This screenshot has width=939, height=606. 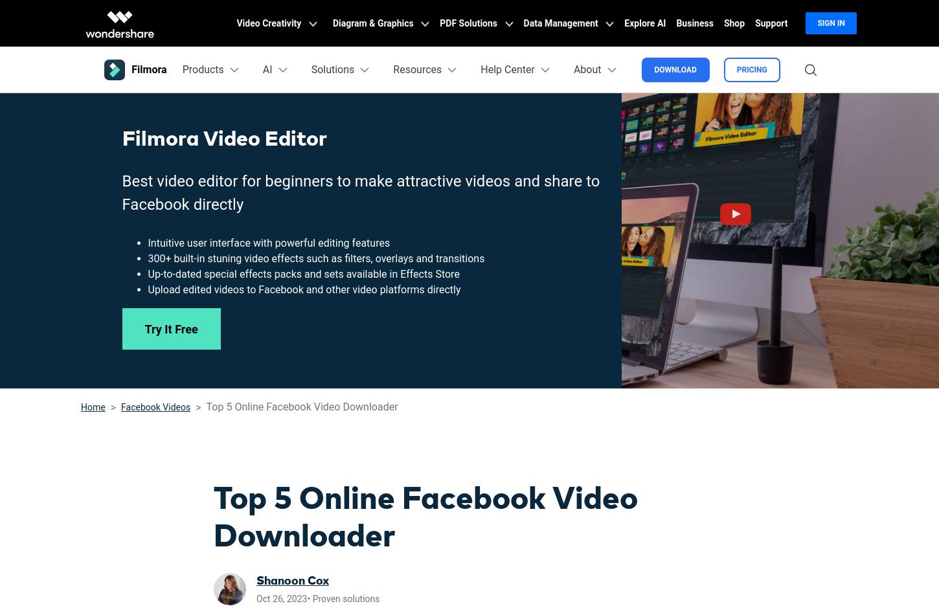 What do you see at coordinates (470, 23) in the screenshot?
I see `'PDF Solutions'` at bounding box center [470, 23].